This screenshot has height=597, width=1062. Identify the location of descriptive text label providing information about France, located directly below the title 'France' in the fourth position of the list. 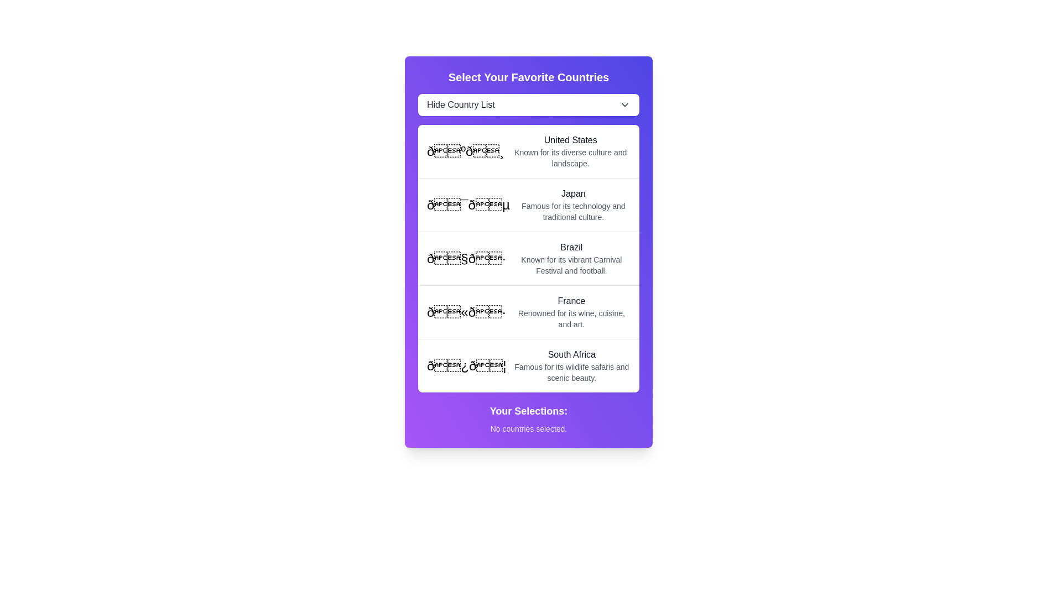
(571, 319).